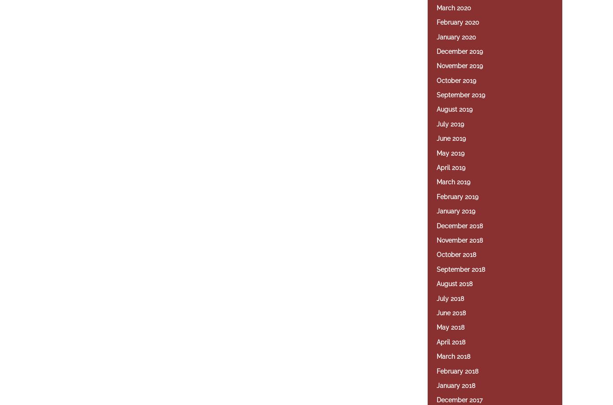 The height and width of the screenshot is (405, 613). I want to click on 'January 2019', so click(437, 211).